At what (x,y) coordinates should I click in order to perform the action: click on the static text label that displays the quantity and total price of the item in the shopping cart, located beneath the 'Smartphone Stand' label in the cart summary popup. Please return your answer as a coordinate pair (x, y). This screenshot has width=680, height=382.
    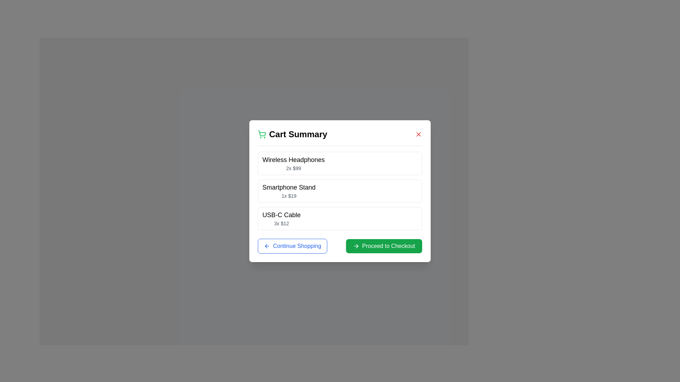
    Looking at the image, I should click on (289, 196).